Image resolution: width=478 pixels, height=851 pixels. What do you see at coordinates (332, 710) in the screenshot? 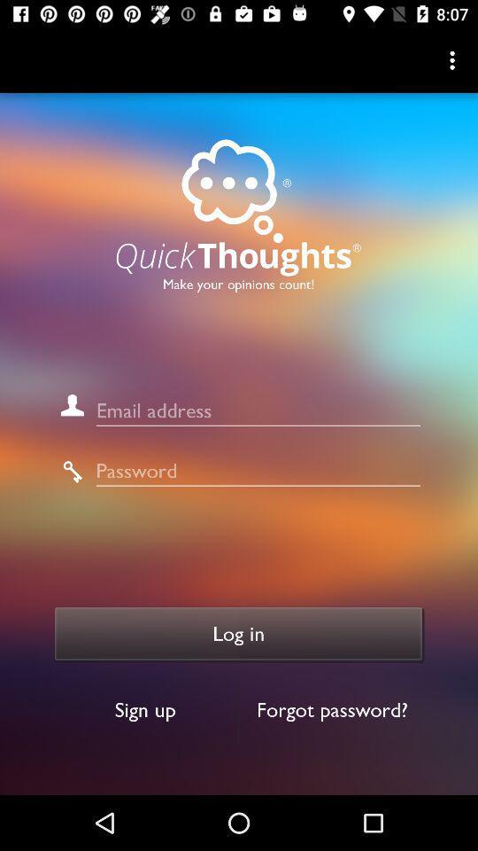
I see `the forgot password?` at bounding box center [332, 710].